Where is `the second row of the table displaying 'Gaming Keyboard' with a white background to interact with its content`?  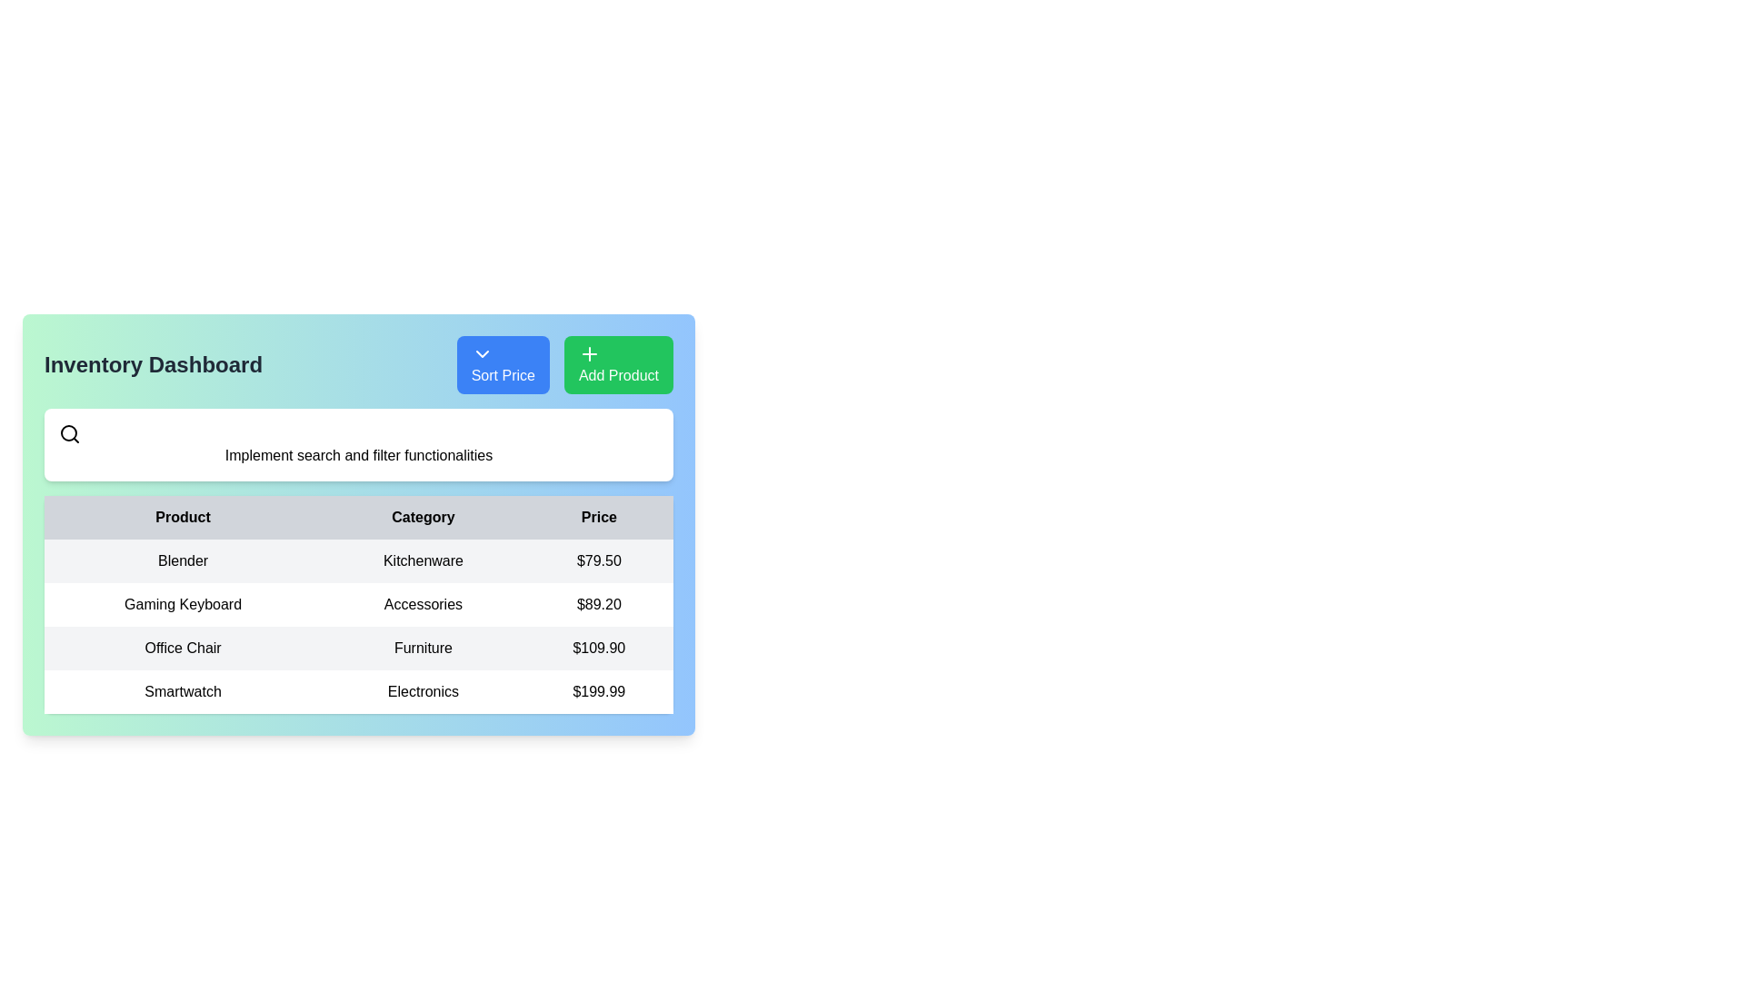
the second row of the table displaying 'Gaming Keyboard' with a white background to interact with its content is located at coordinates (358, 605).